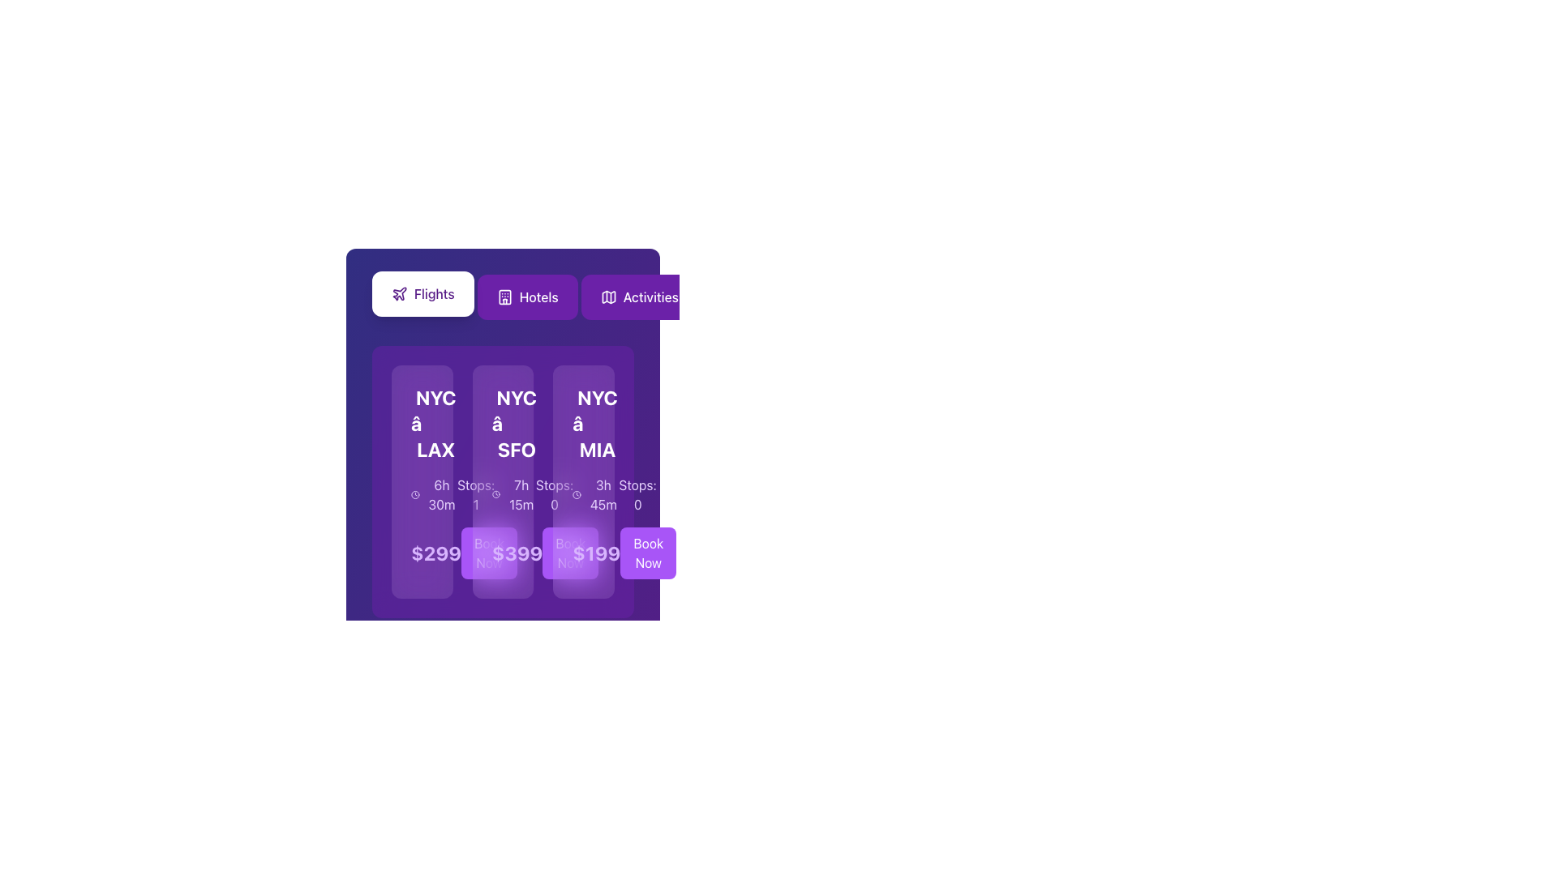  I want to click on the booking button located at the bottom-right of the third card in the vertical card layout to proceed with booking, so click(647, 552).